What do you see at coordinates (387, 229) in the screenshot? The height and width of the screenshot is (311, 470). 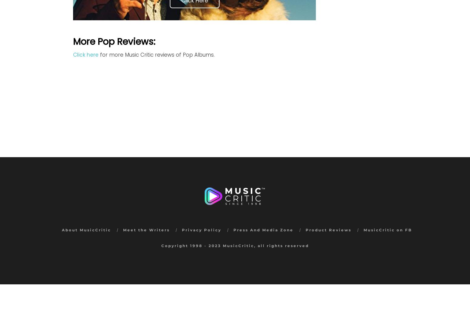 I see `'MusicCritic on FB'` at bounding box center [387, 229].